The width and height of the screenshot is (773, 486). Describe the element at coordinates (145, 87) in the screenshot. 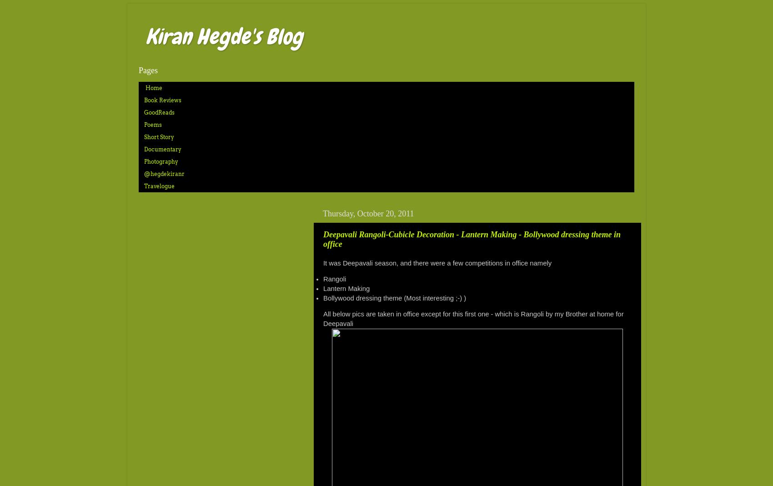

I see `'Home'` at that location.